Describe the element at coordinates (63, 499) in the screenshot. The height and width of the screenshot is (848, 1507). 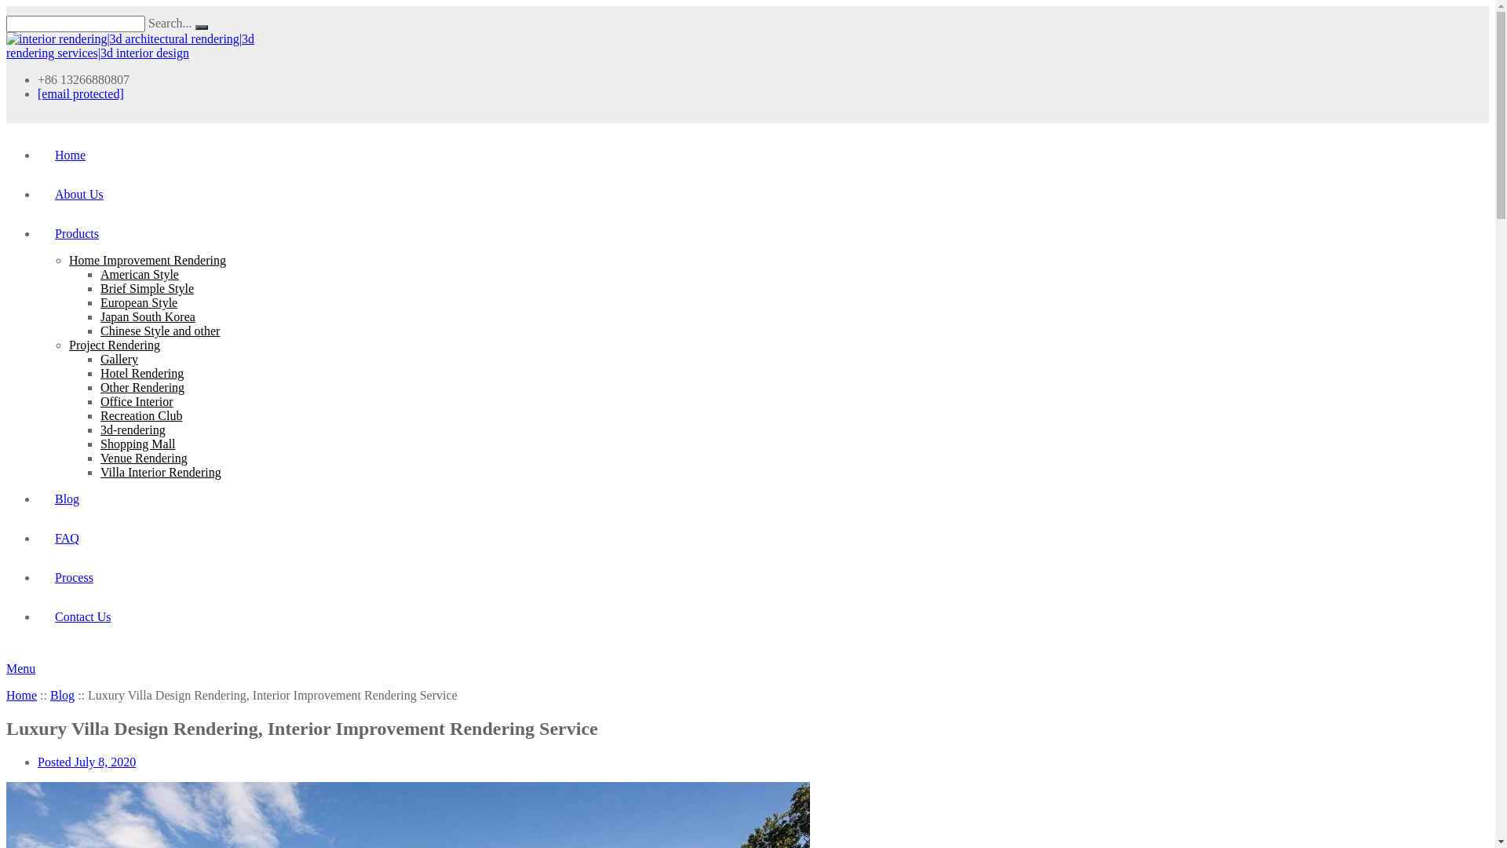
I see `'Blog'` at that location.